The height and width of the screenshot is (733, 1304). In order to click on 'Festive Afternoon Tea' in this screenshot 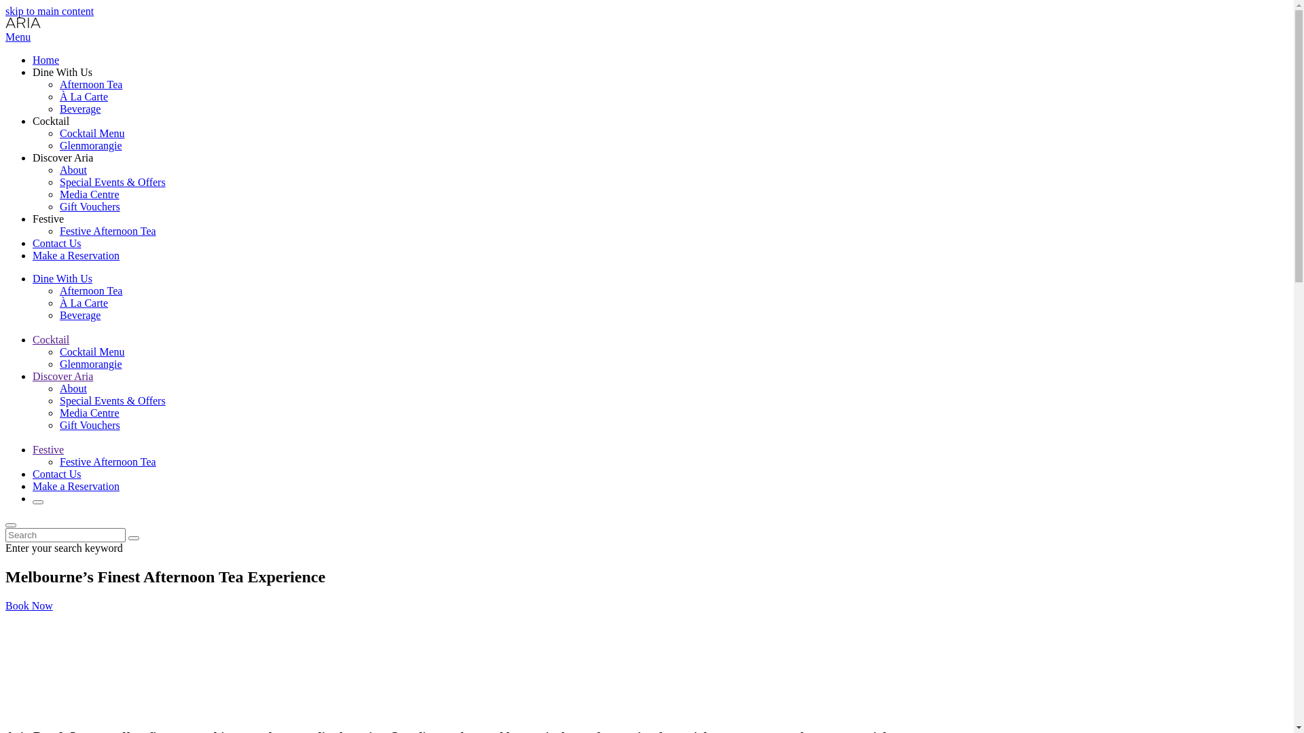, I will do `click(58, 230)`.